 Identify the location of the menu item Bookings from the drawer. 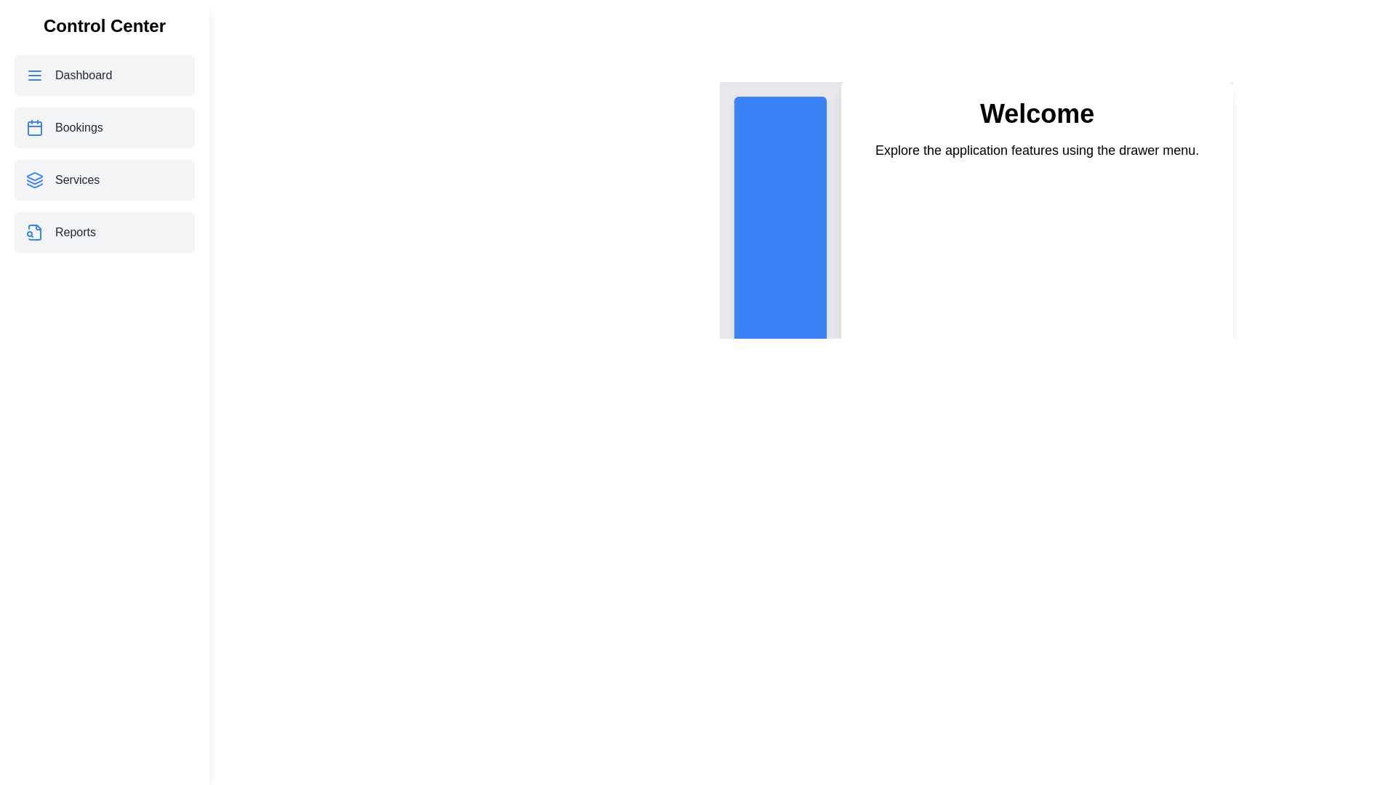
(104, 127).